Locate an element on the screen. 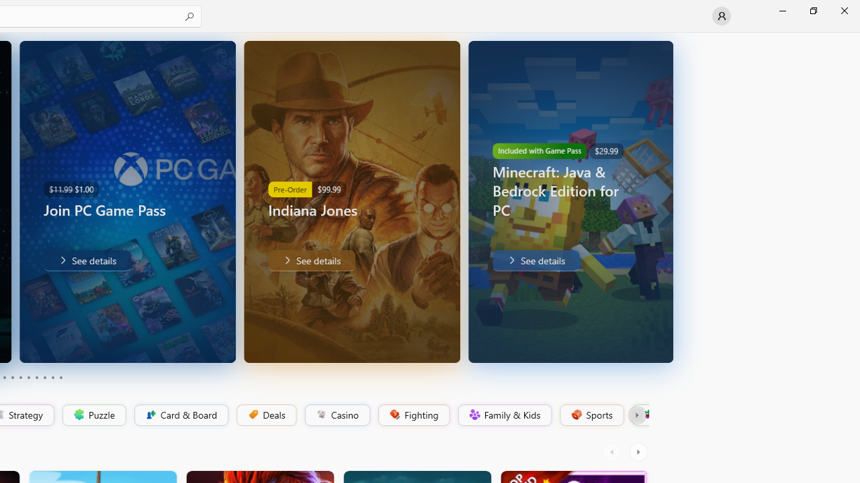  'Puzzle' is located at coordinates (93, 415).